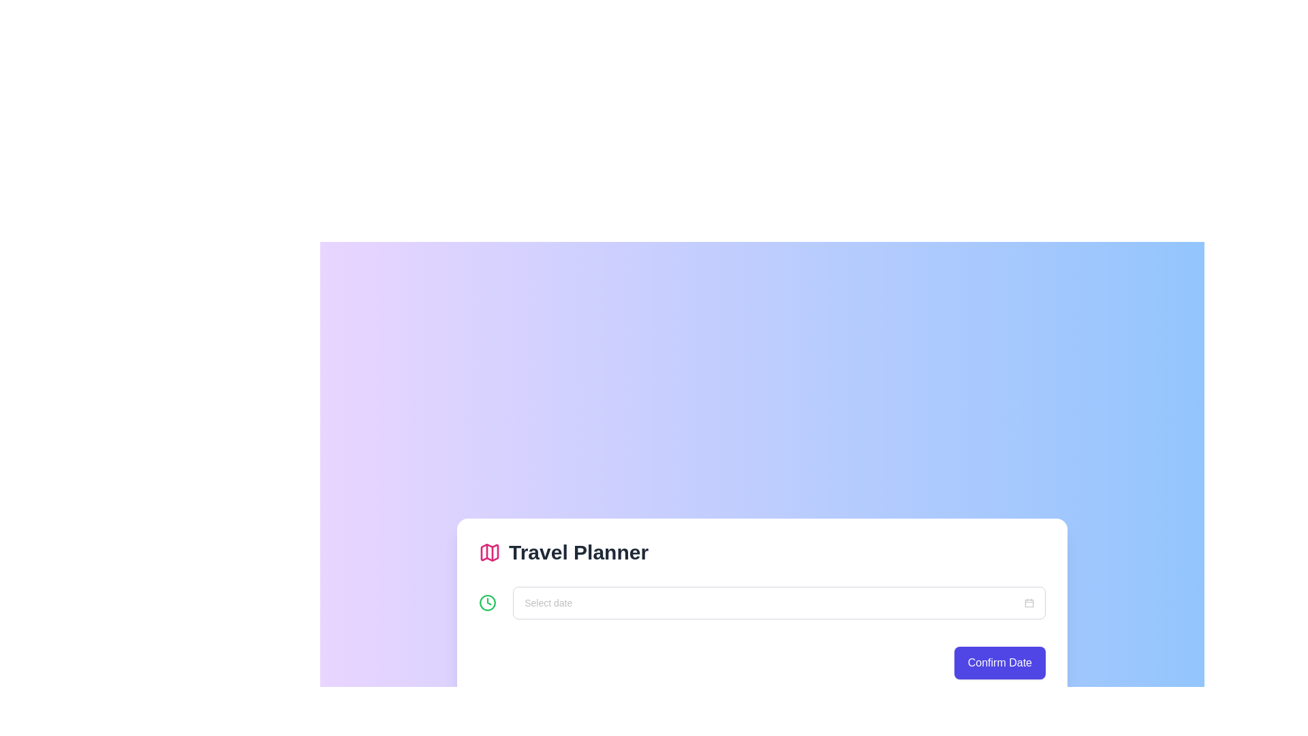 This screenshot has width=1308, height=736. What do you see at coordinates (489, 600) in the screenshot?
I see `the triangular pointer representing the hour and minute hand within the SVG clock icon, located to the left of the 'Select date' input field and below the 'Travel Planner' heading` at bounding box center [489, 600].